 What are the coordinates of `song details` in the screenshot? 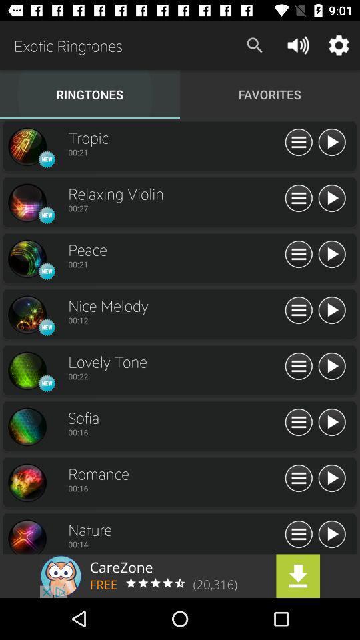 It's located at (299, 254).